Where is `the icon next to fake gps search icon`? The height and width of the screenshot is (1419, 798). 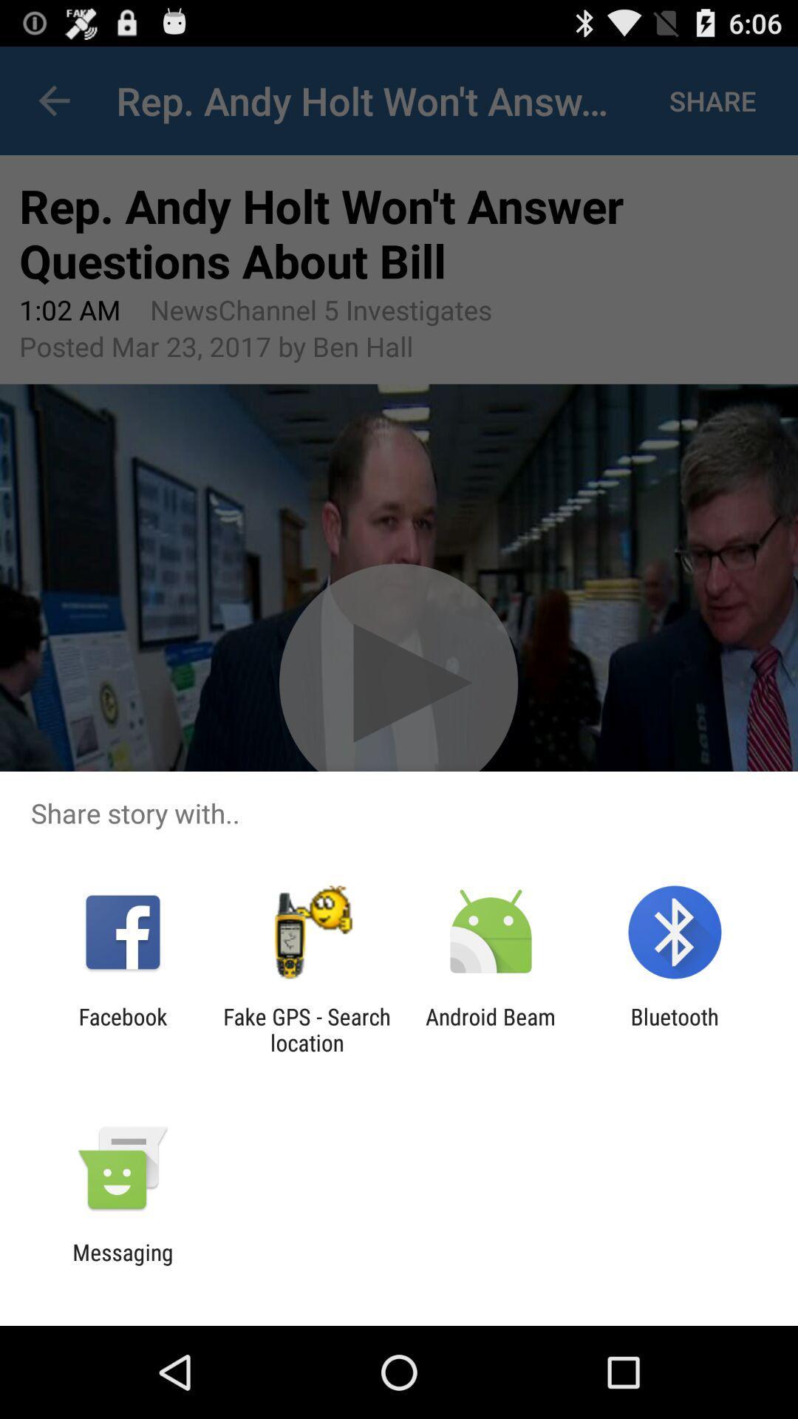 the icon next to fake gps search icon is located at coordinates (122, 1029).